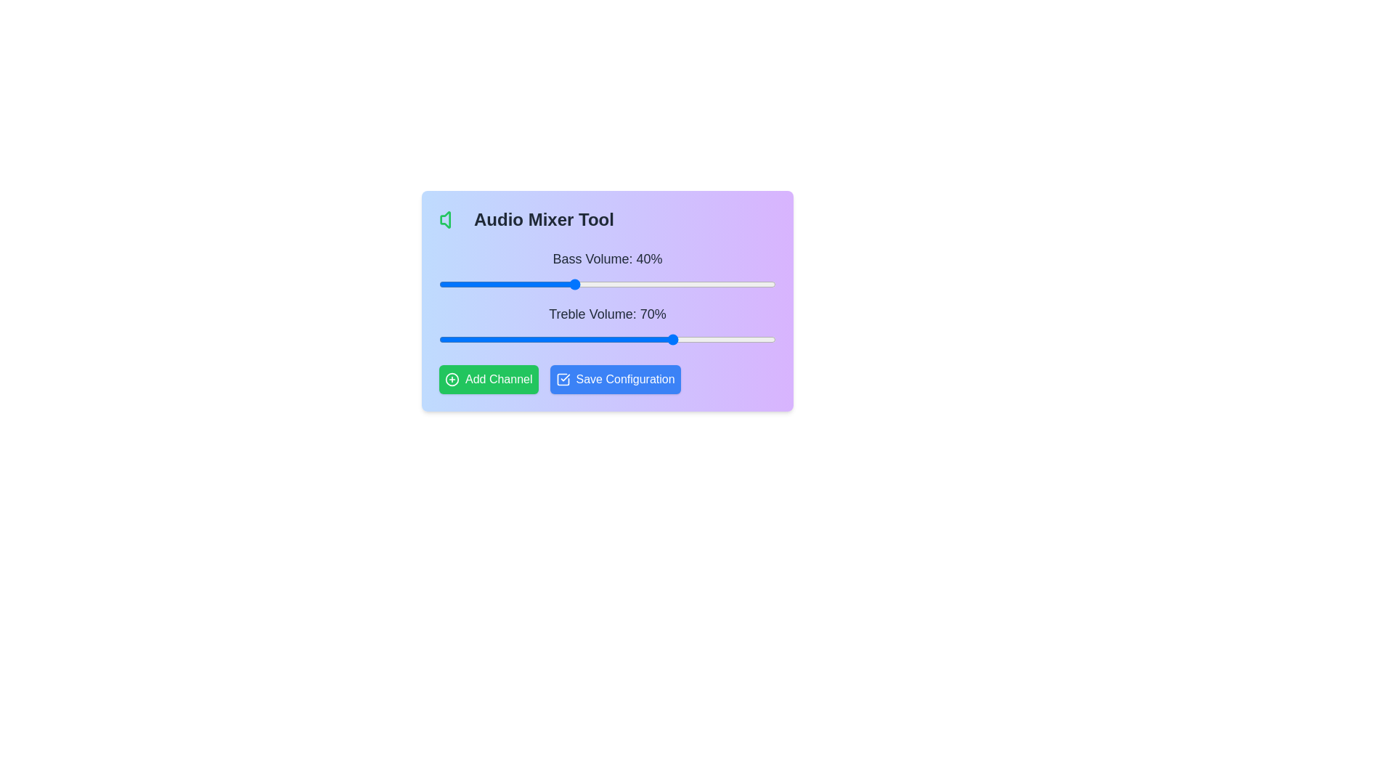 Image resolution: width=1394 pixels, height=784 pixels. I want to click on treble volume, so click(752, 339).